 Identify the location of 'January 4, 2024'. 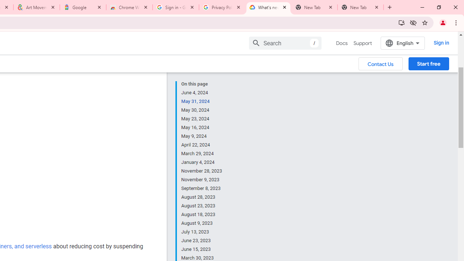
(202, 162).